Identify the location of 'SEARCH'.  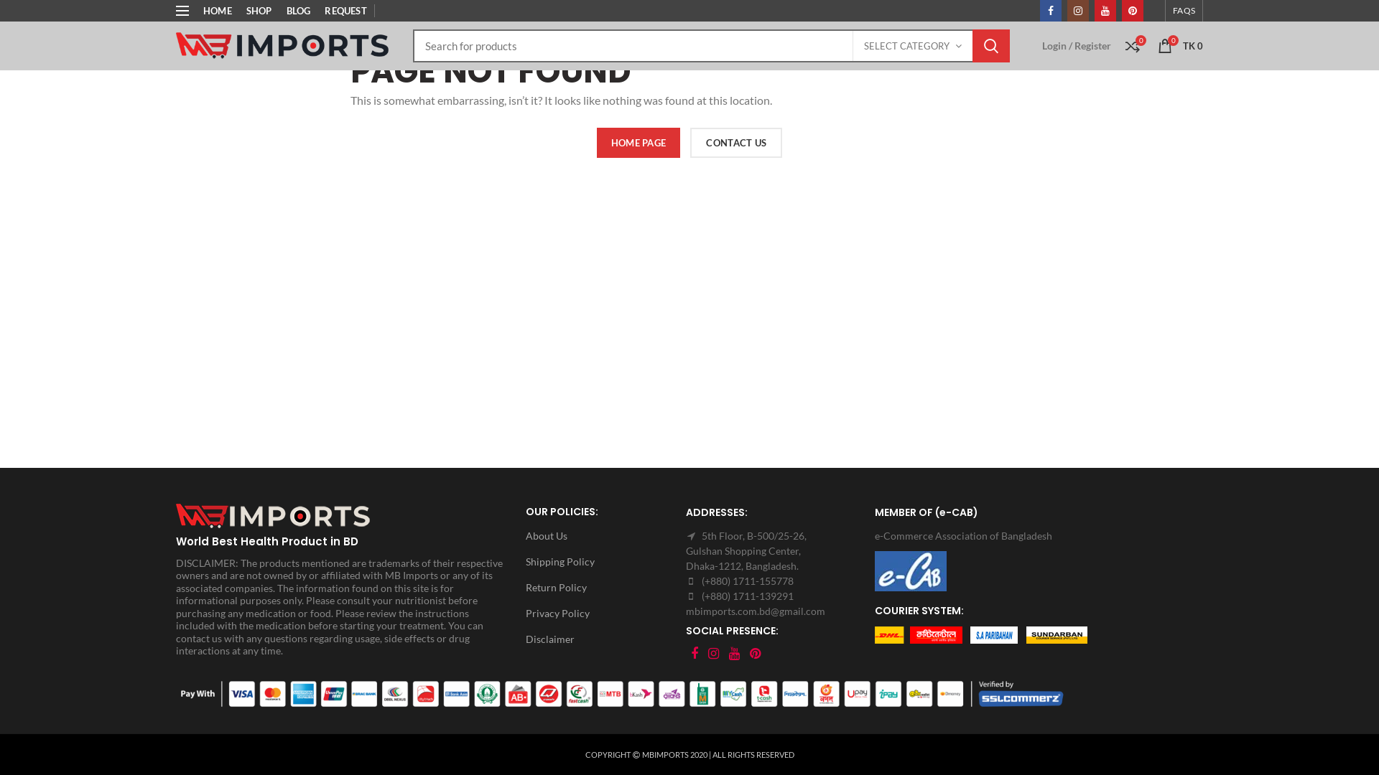
(990, 45).